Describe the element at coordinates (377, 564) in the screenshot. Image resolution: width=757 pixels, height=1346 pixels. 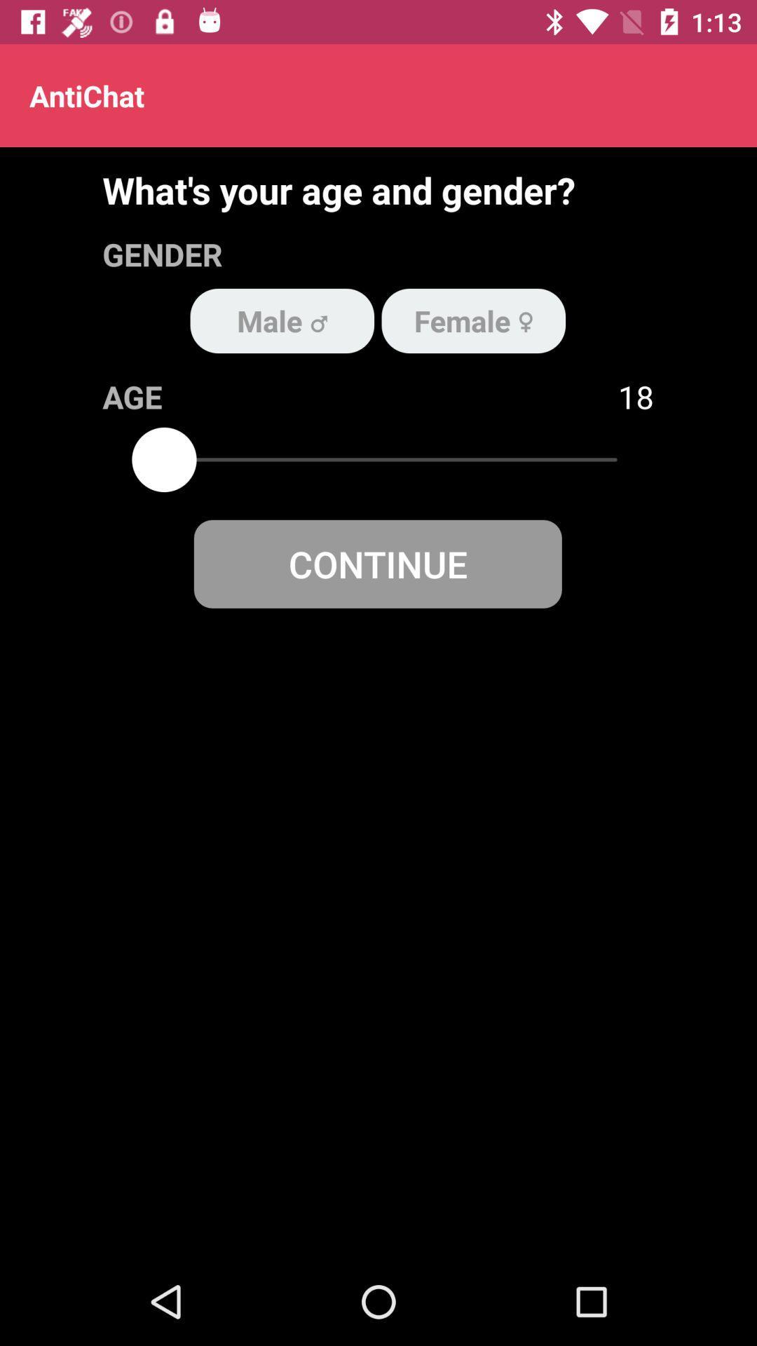
I see `the continue item` at that location.